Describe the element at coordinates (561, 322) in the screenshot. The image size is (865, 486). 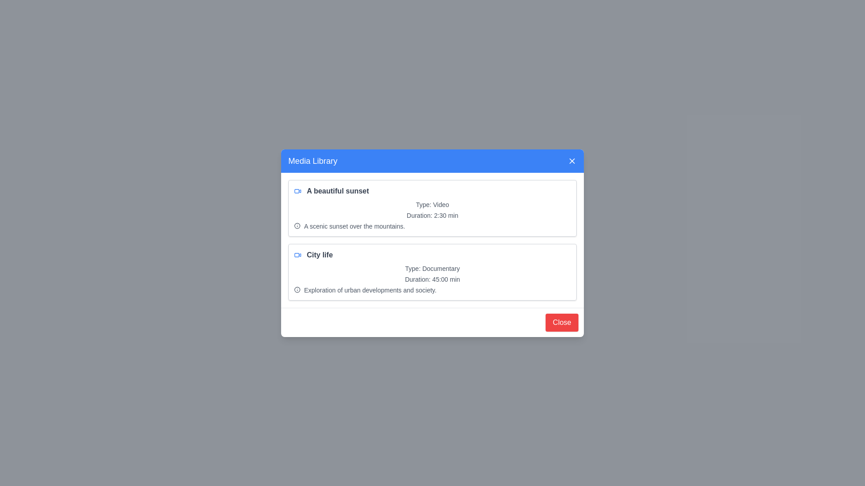
I see `the 'Close' button with a bright red background in the bottom-right corner of the 'Media Library' modal to observe the hover effect` at that location.